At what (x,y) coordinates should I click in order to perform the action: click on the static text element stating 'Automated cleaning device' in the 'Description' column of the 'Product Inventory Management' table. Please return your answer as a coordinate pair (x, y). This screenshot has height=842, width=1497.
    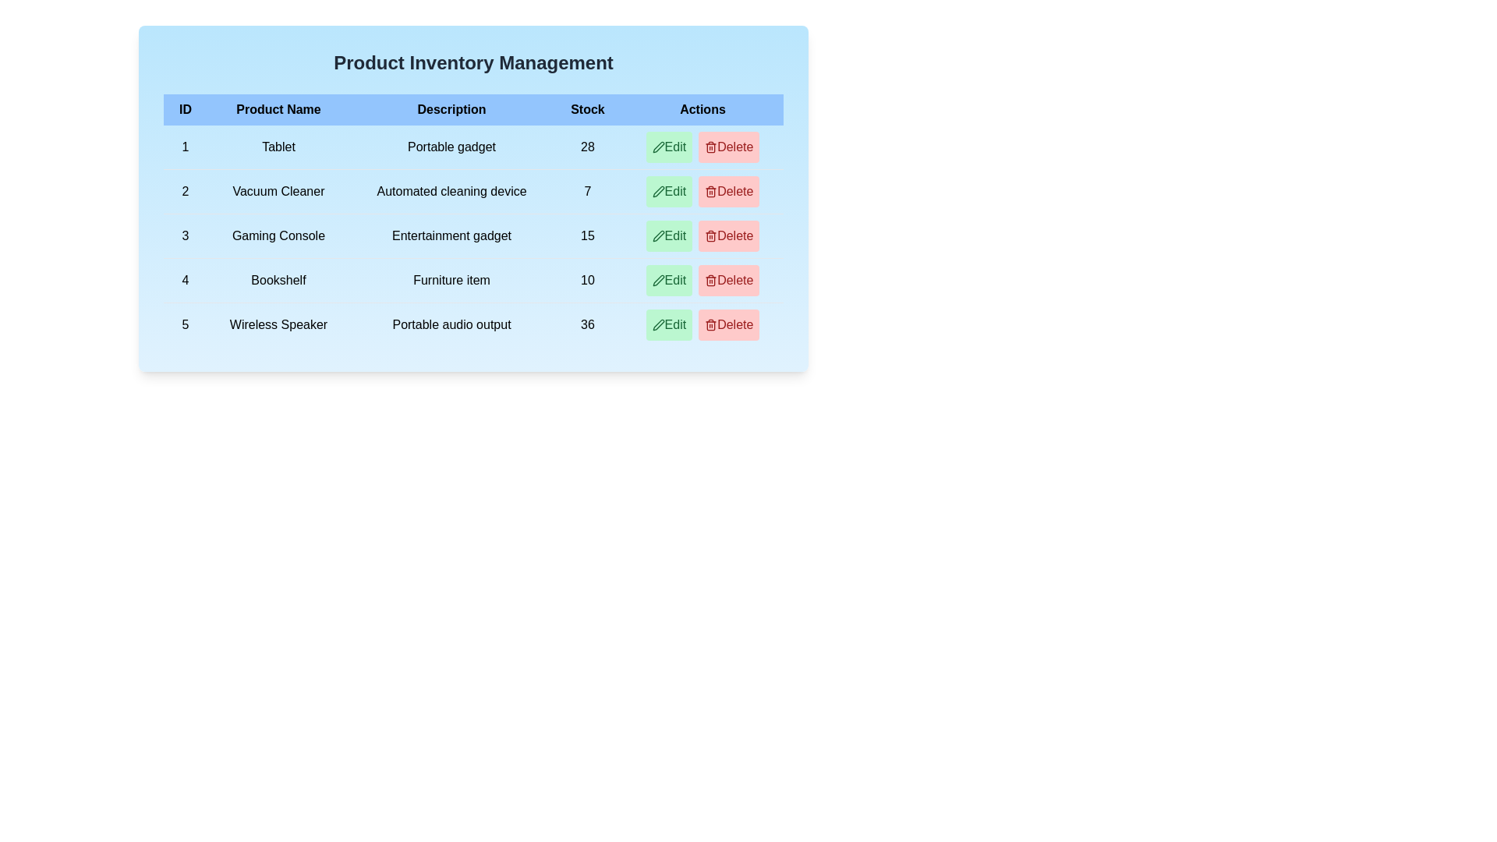
    Looking at the image, I should click on (451, 191).